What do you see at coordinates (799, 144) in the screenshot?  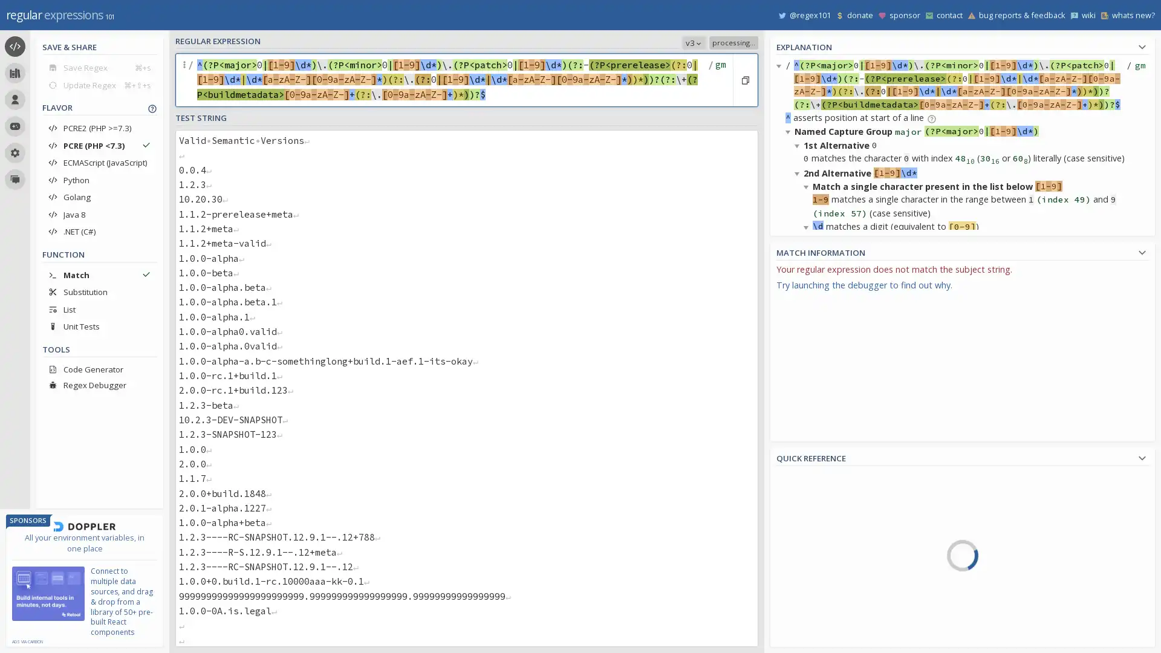 I see `Collapse Subtree` at bounding box center [799, 144].